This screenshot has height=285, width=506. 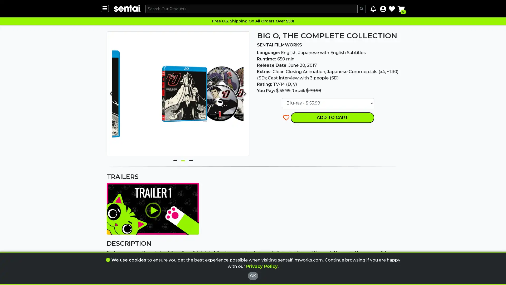 I want to click on Next, so click(x=245, y=93).